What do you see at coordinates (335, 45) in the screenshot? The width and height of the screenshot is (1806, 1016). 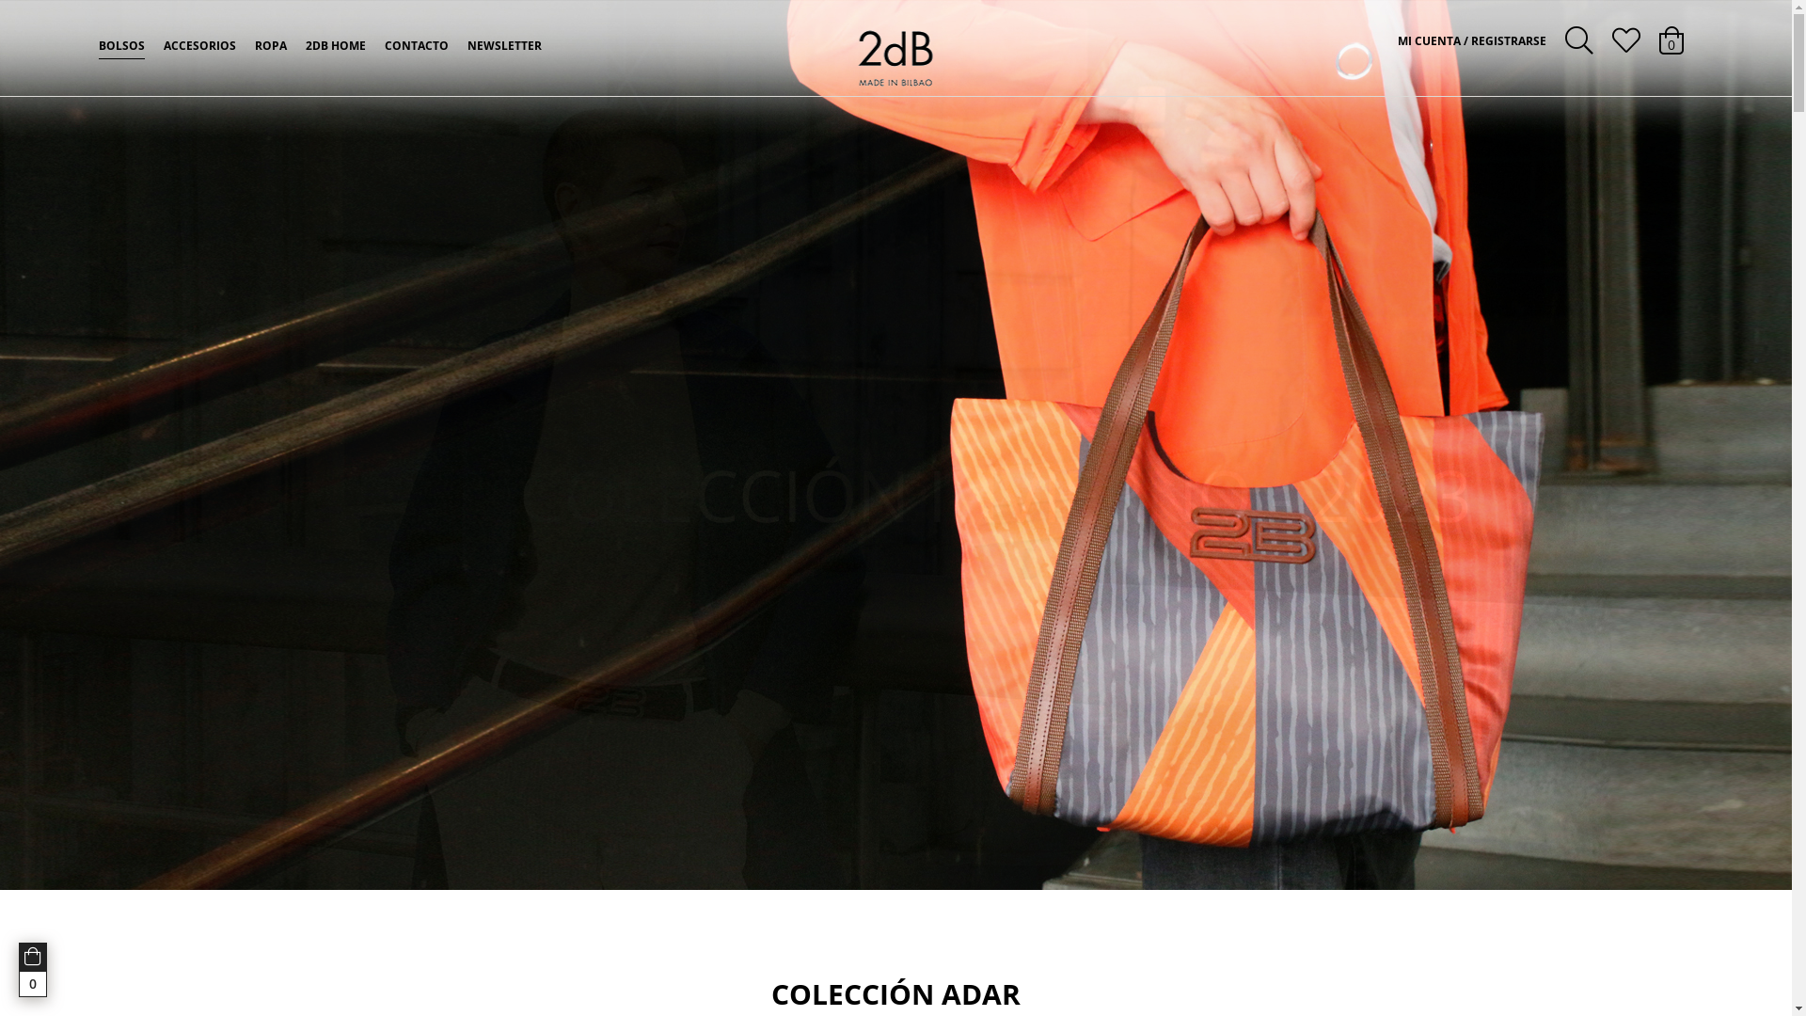 I see `'2DB HOME'` at bounding box center [335, 45].